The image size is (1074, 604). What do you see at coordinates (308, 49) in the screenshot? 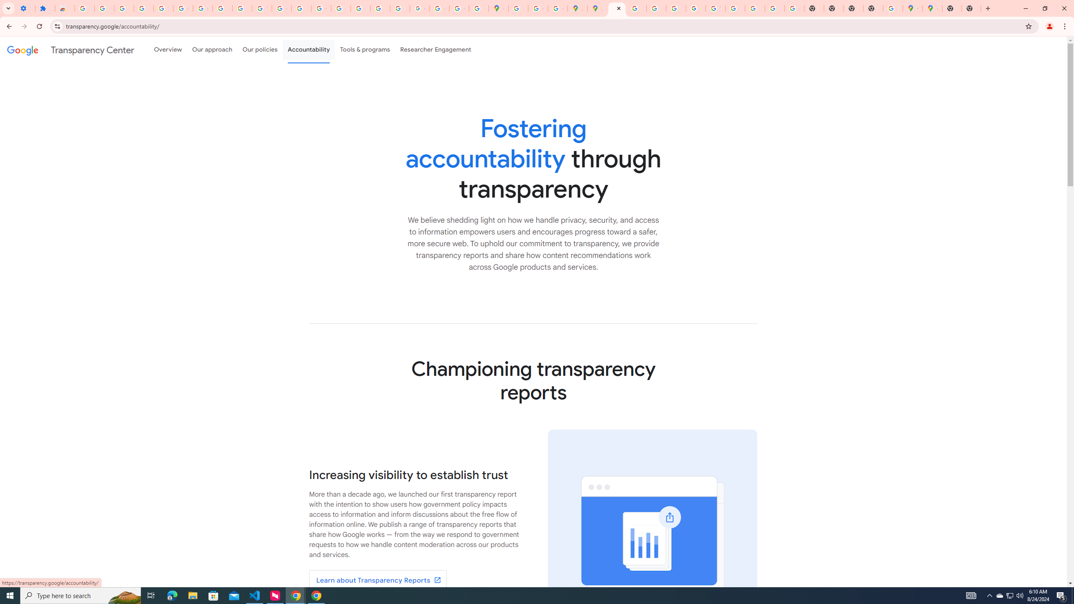
I see `'Accountability'` at bounding box center [308, 49].